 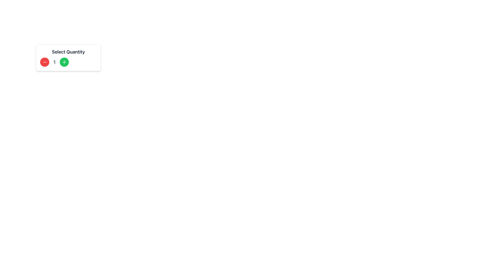 What do you see at coordinates (64, 62) in the screenshot?
I see `the green circular button with a white plus sign to increase the quantity` at bounding box center [64, 62].